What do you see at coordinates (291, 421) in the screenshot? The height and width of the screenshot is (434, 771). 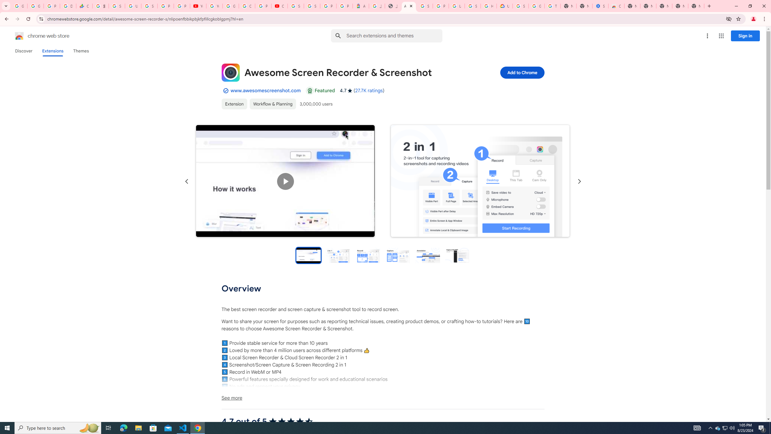 I see `'4.7 out of 5 stars'` at bounding box center [291, 421].